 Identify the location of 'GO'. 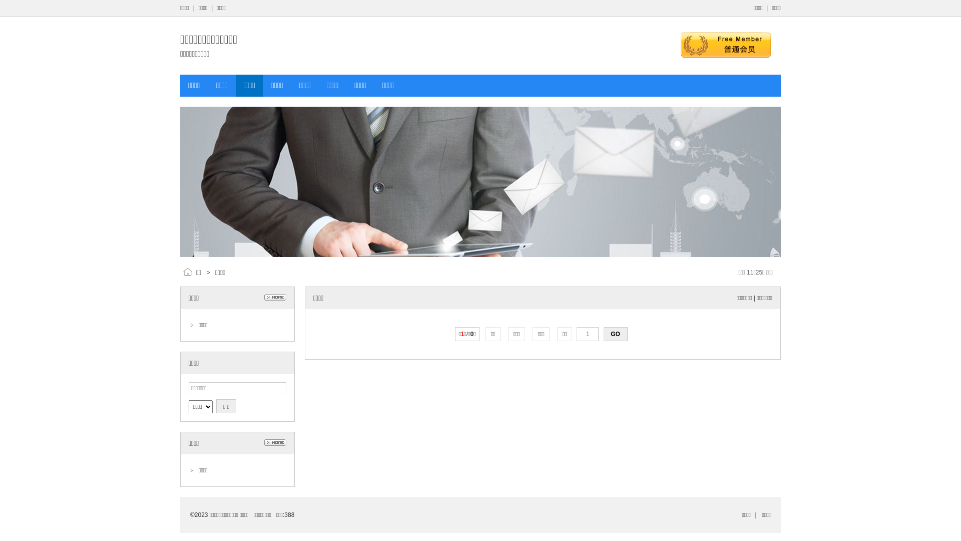
(615, 334).